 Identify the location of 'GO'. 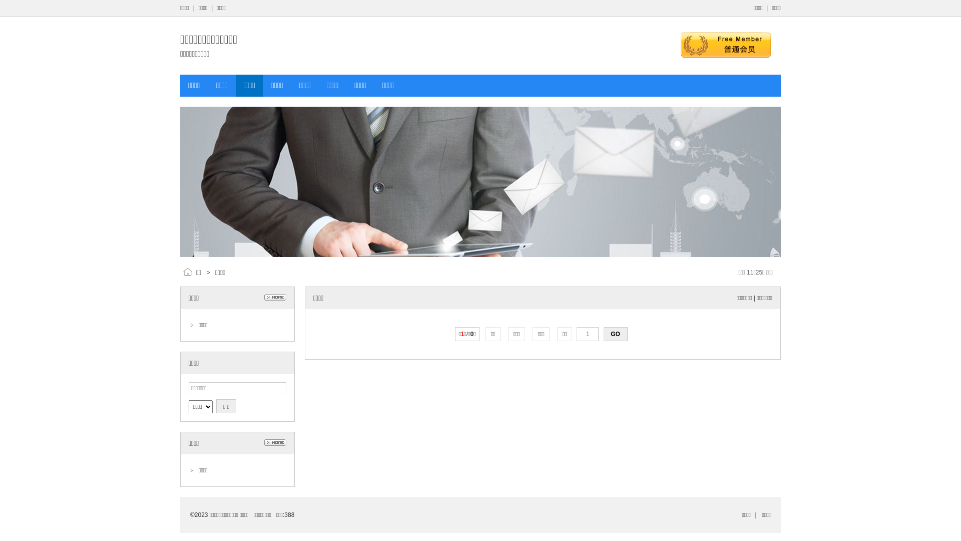
(615, 334).